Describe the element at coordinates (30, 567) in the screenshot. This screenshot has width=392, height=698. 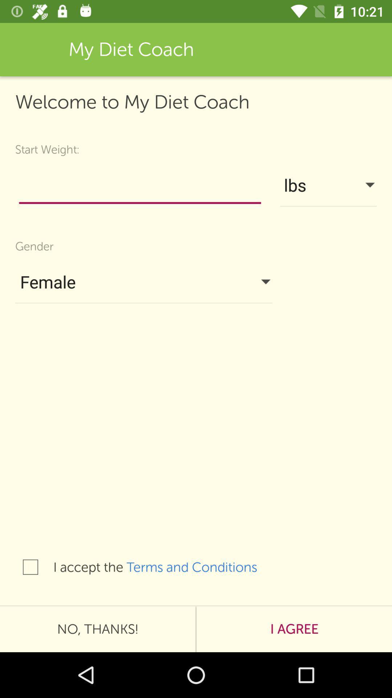
I see `item next to the i accept the  item` at that location.